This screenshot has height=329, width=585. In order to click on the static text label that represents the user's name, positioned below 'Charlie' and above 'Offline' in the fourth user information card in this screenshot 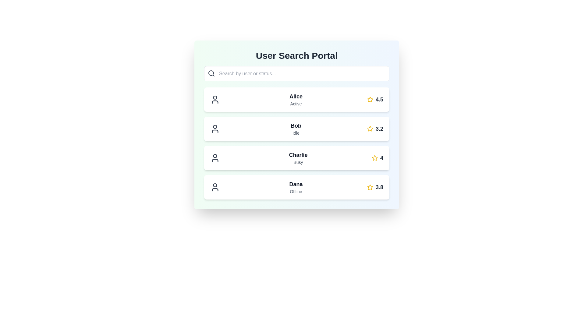, I will do `click(296, 184)`.